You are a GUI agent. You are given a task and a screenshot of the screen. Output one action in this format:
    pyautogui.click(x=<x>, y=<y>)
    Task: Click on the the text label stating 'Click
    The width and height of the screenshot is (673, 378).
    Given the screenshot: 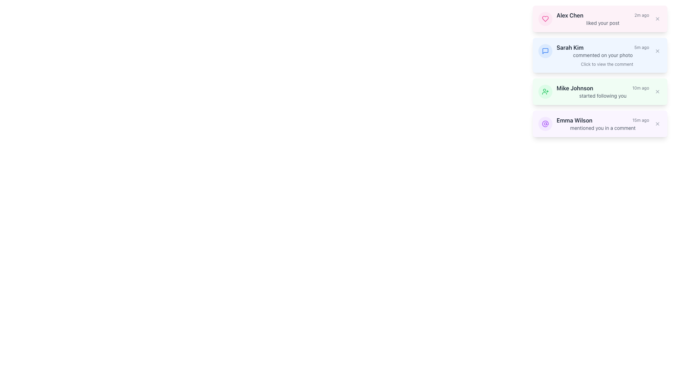 What is the action you would take?
    pyautogui.click(x=600, y=64)
    